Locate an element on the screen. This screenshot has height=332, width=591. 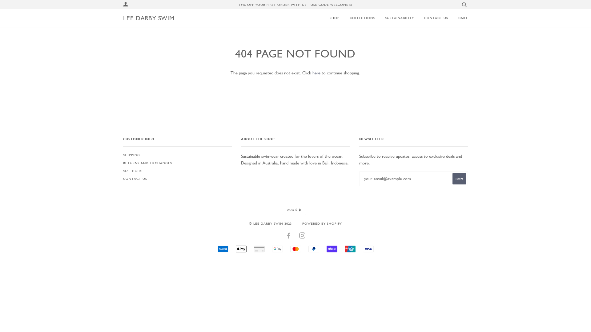
'COLLECTIONS' is located at coordinates (357, 18).